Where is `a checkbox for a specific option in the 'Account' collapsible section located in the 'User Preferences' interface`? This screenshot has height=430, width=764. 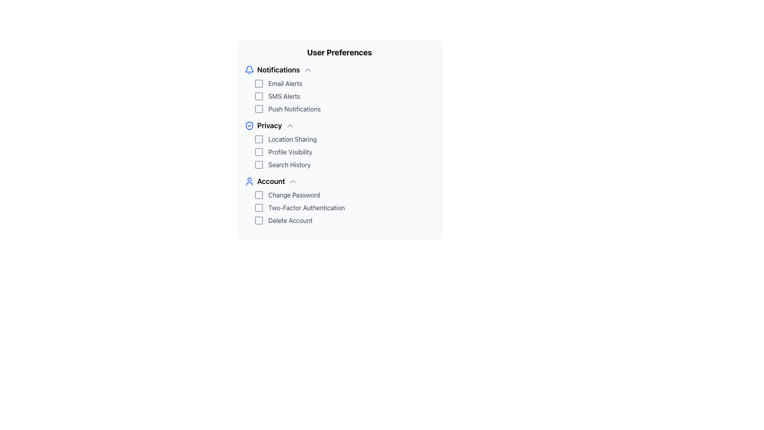
a checkbox for a specific option in the 'Account' collapsible section located in the 'User Preferences' interface is located at coordinates (339, 200).